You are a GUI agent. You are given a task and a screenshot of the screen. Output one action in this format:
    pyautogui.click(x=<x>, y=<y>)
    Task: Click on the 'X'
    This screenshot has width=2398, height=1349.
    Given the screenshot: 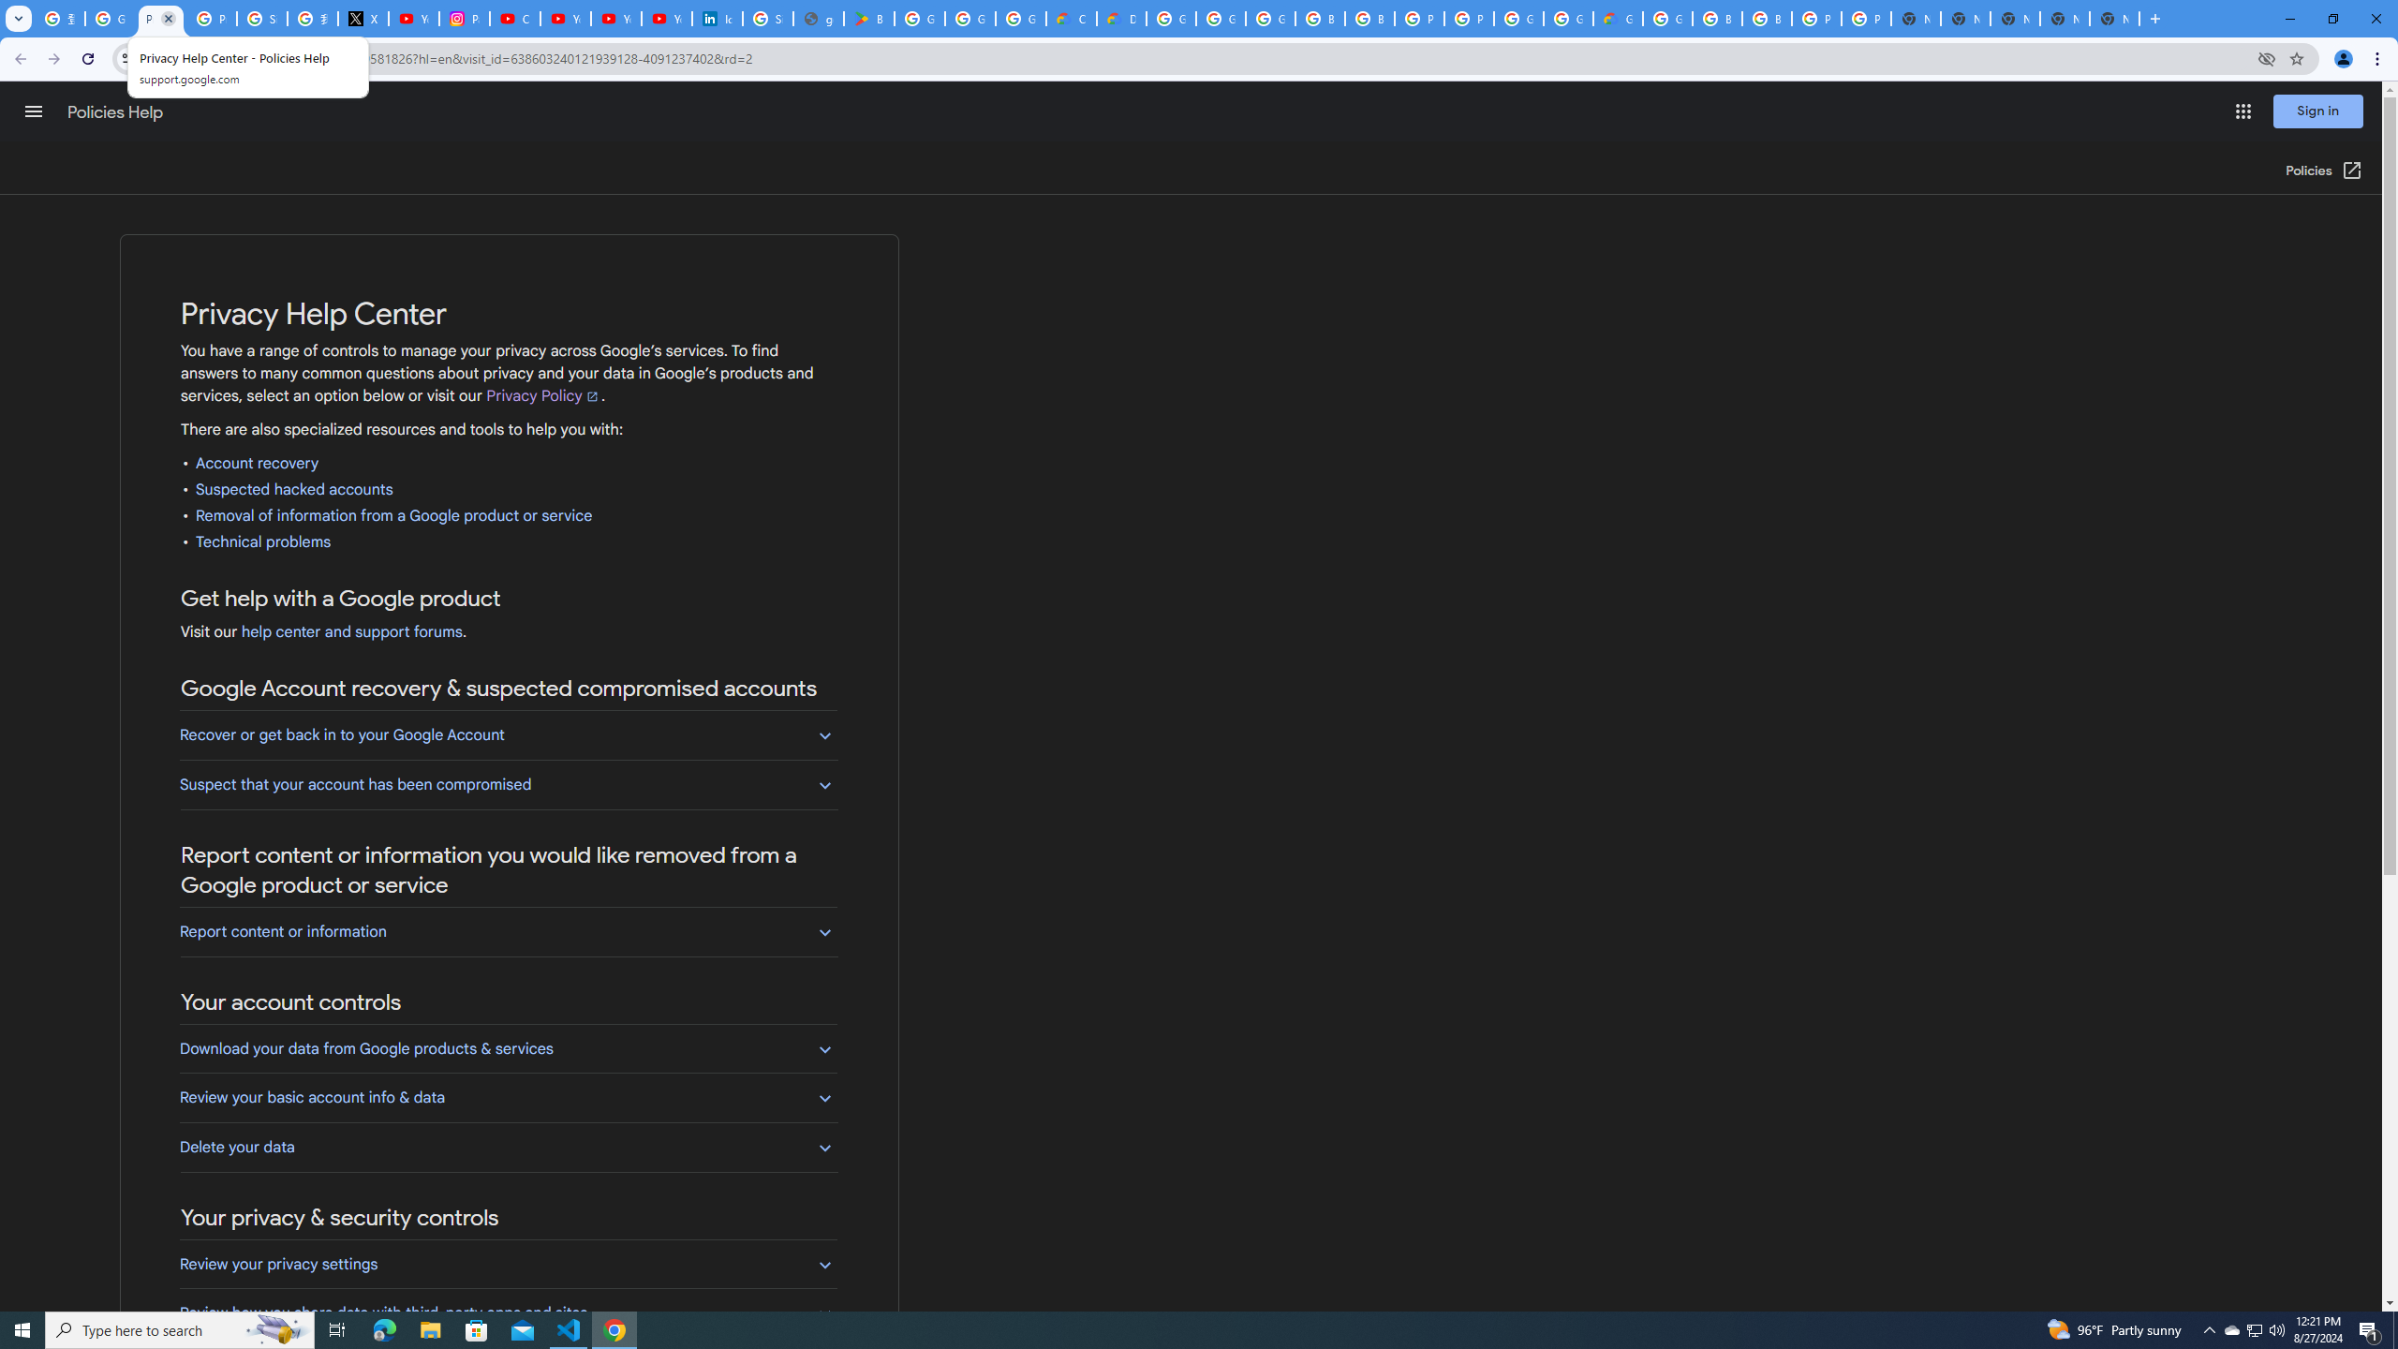 What is the action you would take?
    pyautogui.click(x=363, y=18)
    